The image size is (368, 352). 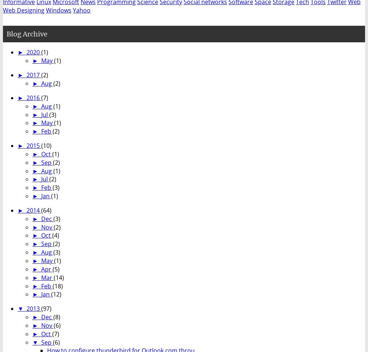 What do you see at coordinates (33, 97) in the screenshot?
I see `'2016'` at bounding box center [33, 97].